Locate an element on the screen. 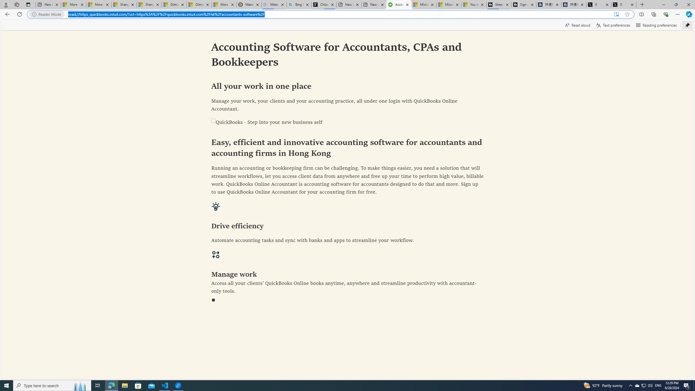 This screenshot has width=695, height=391. 'Chloe Sorvino' is located at coordinates (324, 4).